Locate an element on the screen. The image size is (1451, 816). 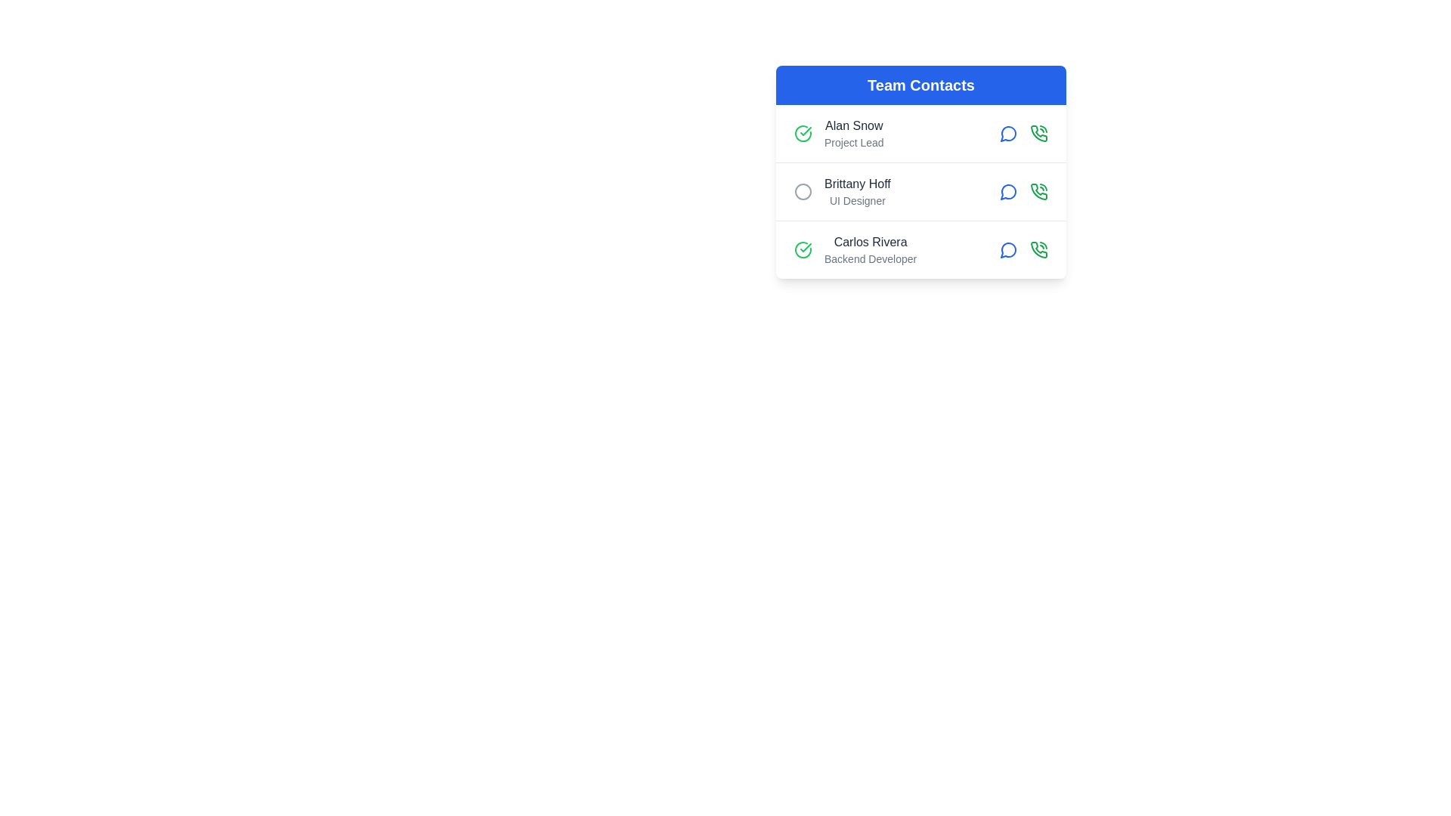
the 'view details' button for the contact Alan Snow is located at coordinates (1008, 133).